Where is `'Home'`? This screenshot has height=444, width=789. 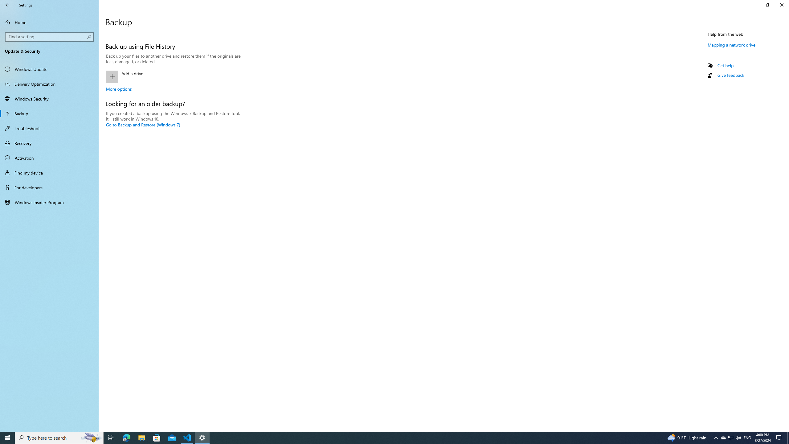
'Home' is located at coordinates (49, 22).